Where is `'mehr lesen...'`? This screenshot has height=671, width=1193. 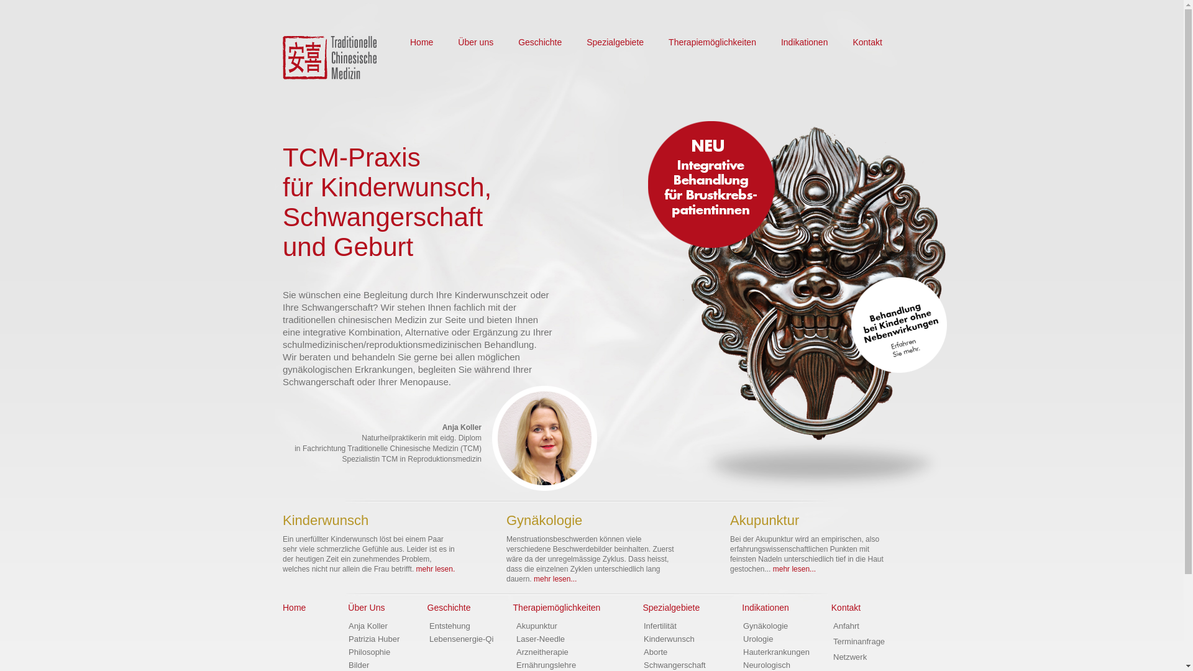
'mehr lesen...' is located at coordinates (554, 579).